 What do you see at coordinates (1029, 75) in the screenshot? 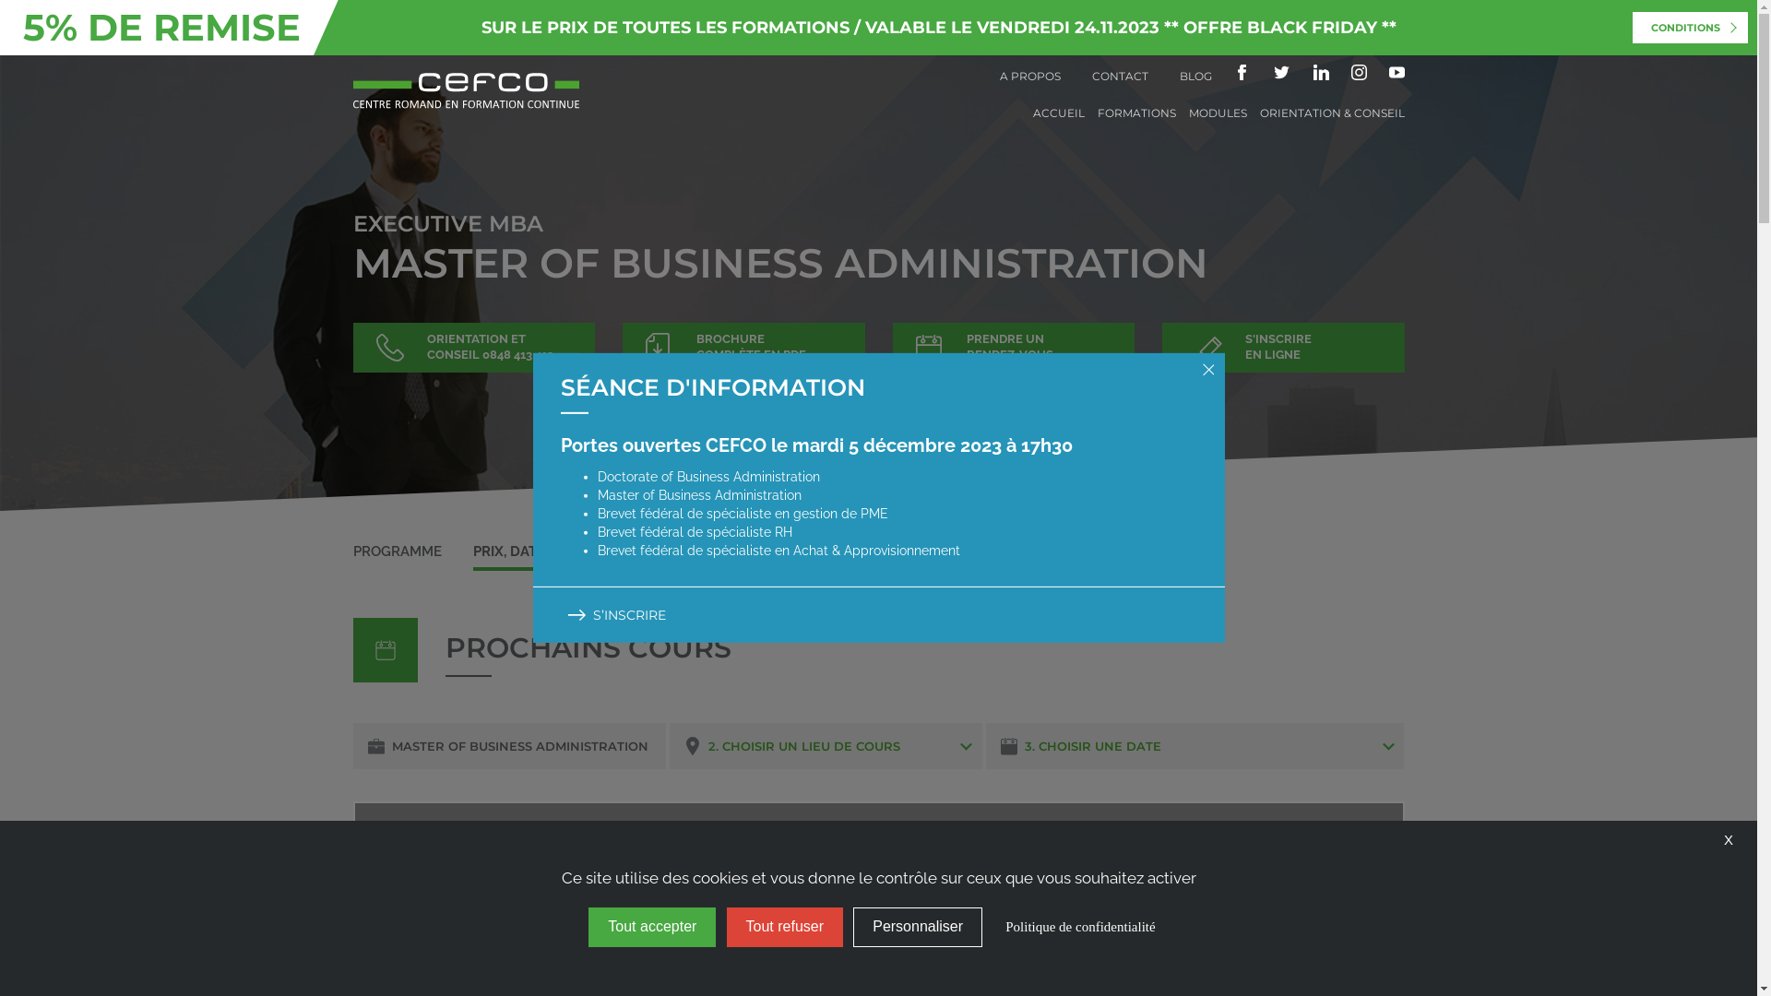
I see `'A PROPOS'` at bounding box center [1029, 75].